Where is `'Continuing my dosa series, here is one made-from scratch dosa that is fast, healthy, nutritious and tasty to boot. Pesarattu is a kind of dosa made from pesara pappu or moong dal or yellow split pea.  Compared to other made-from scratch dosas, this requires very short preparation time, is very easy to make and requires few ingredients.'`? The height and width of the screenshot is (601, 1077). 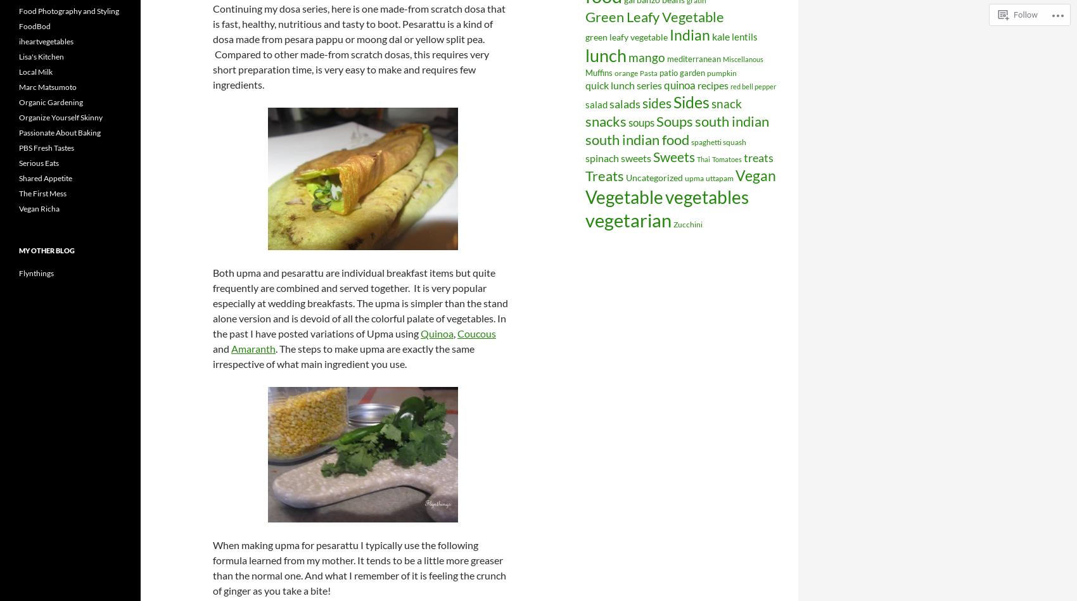
'Continuing my dosa series, here is one made-from scratch dosa that is fast, healthy, nutritious and tasty to boot. Pesarattu is a kind of dosa made from pesara pappu or moong dal or yellow split pea.  Compared to other made-from scratch dosas, this requires very short preparation time, is very easy to make and requires few ingredients.' is located at coordinates (212, 46).